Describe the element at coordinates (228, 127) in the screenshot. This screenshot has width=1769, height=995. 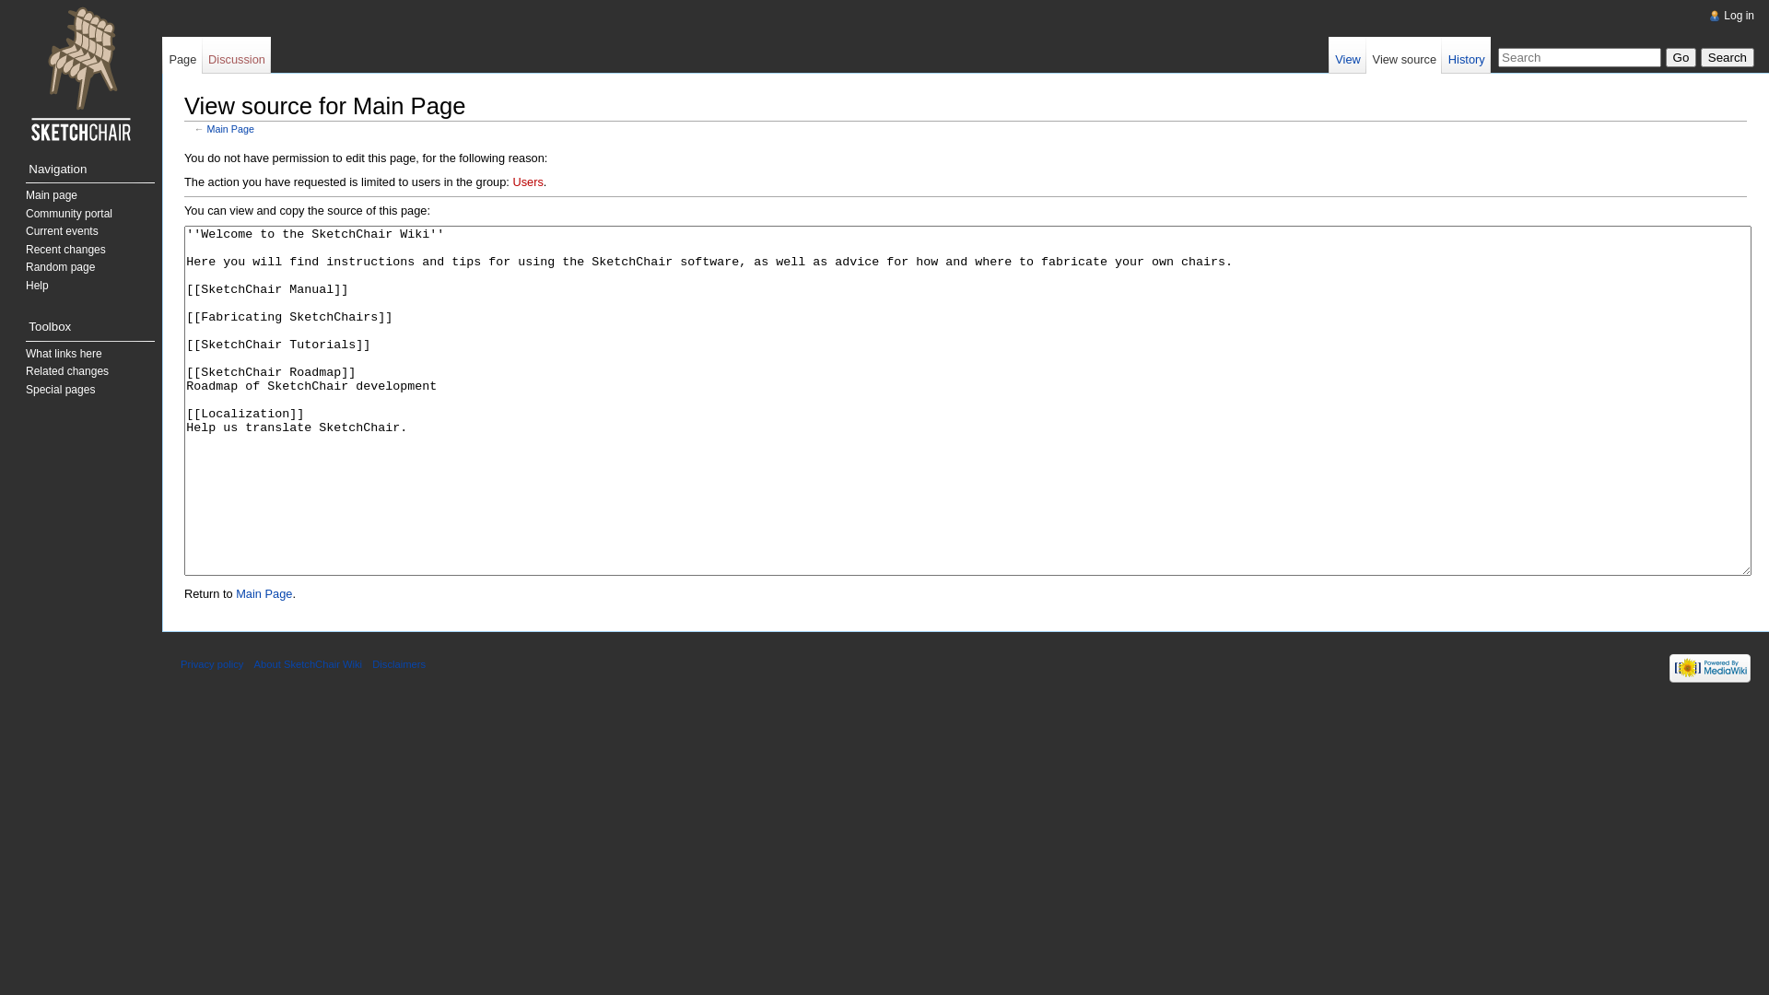
I see `'Main Page'` at that location.